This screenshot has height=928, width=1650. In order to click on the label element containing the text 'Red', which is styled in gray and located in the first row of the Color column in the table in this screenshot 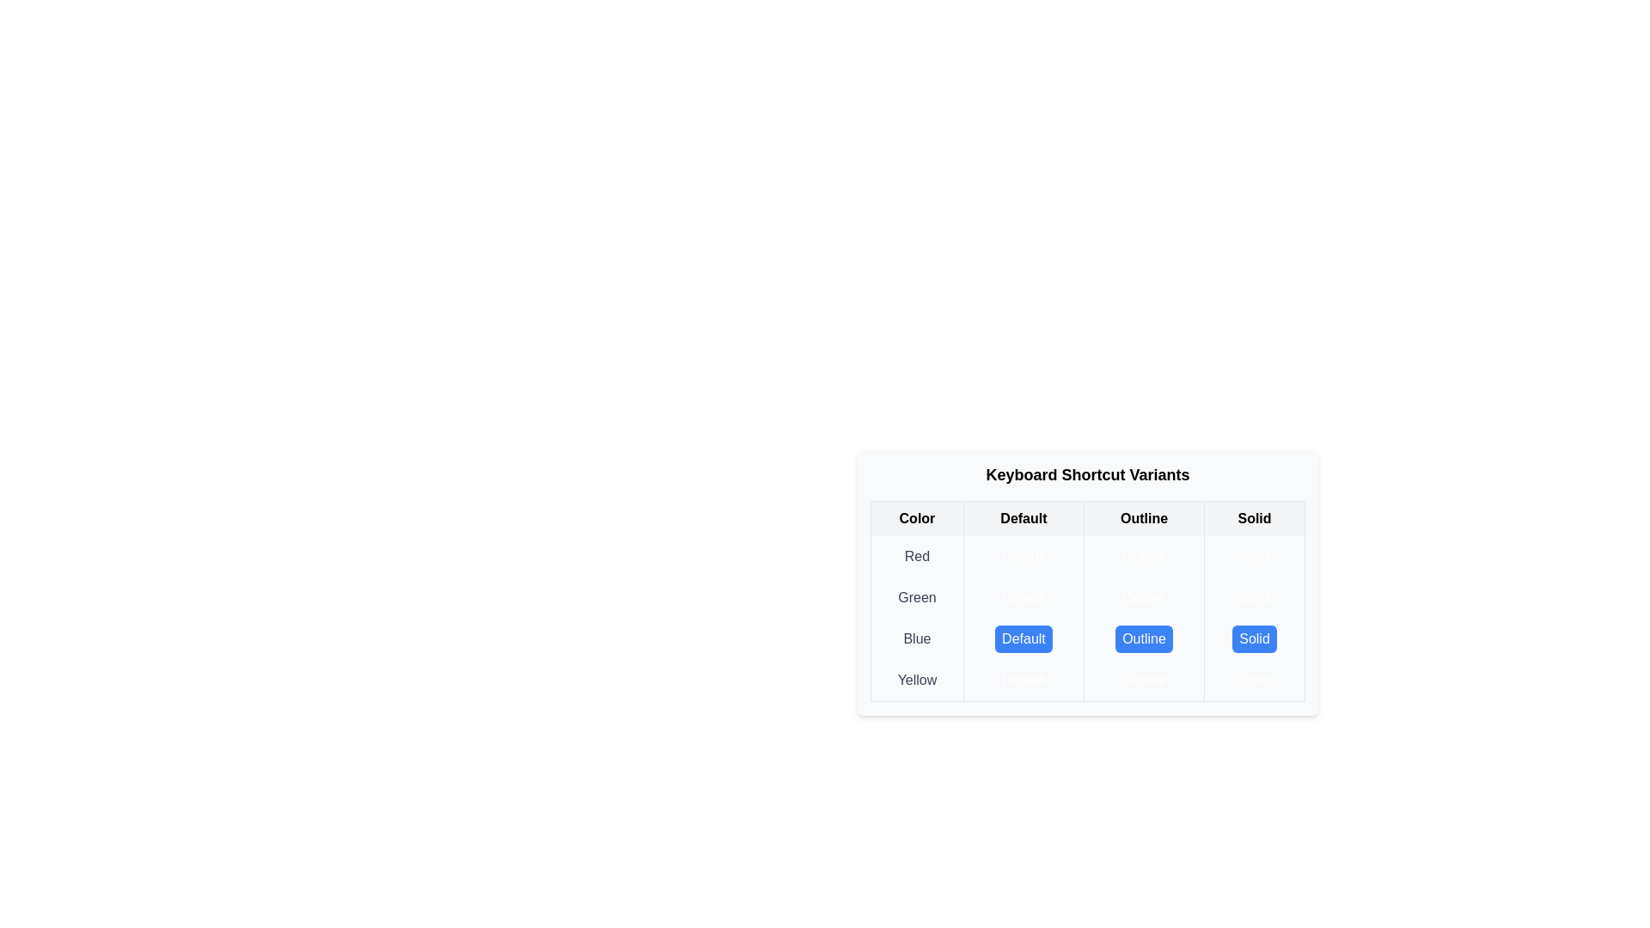, I will do `click(916, 557)`.